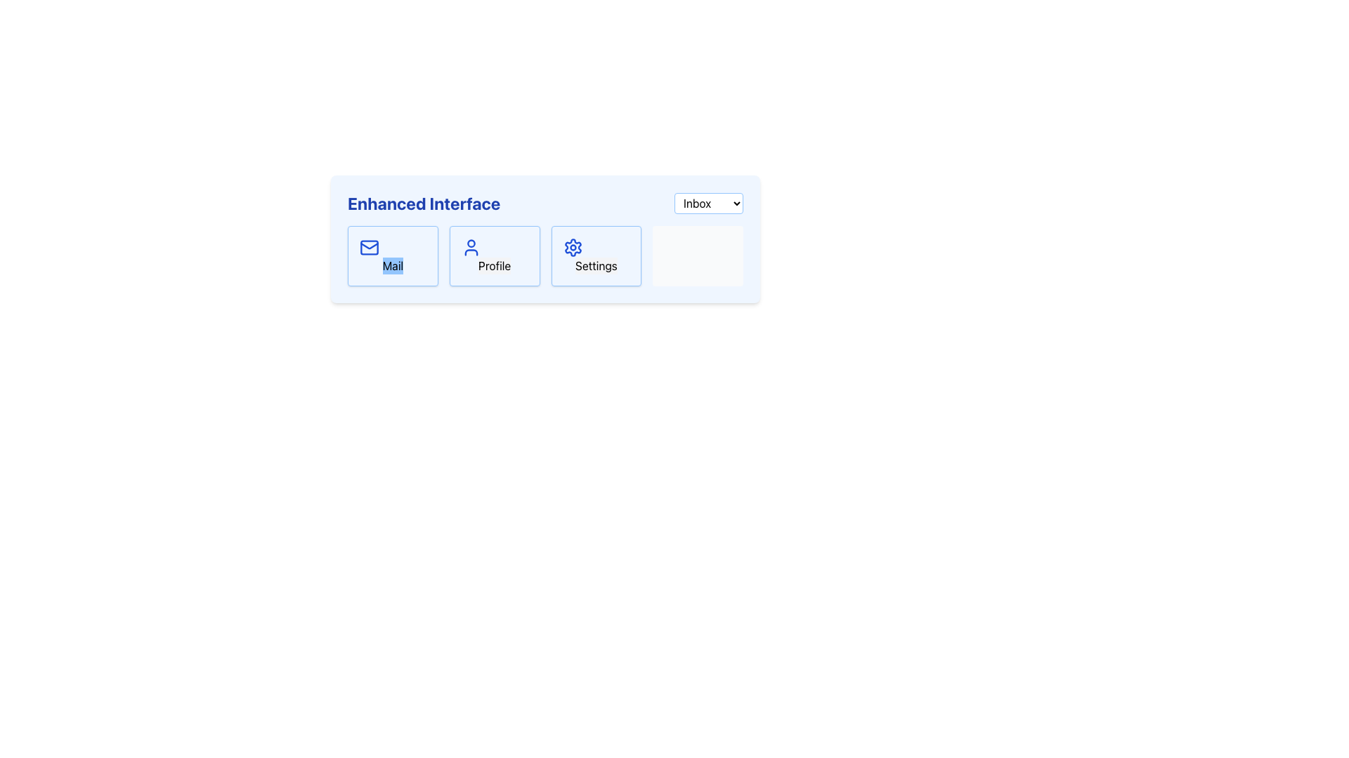  What do you see at coordinates (495, 256) in the screenshot?
I see `the second button in the grid layout` at bounding box center [495, 256].